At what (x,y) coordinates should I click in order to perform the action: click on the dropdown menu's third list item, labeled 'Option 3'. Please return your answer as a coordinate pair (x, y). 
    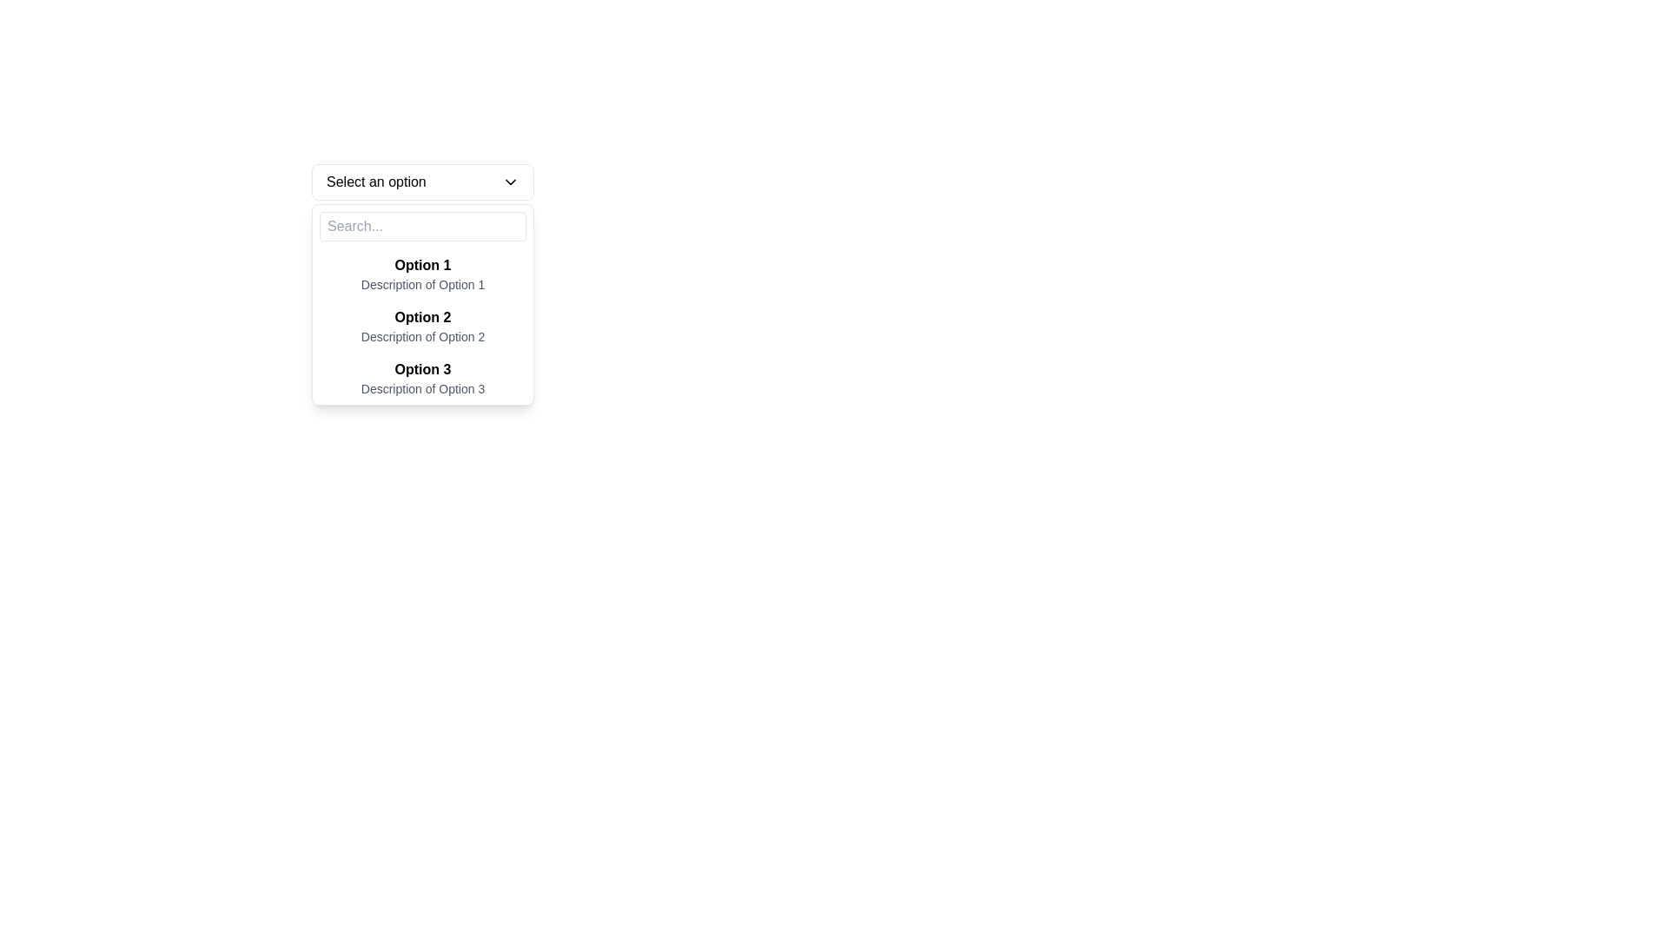
    Looking at the image, I should click on (422, 377).